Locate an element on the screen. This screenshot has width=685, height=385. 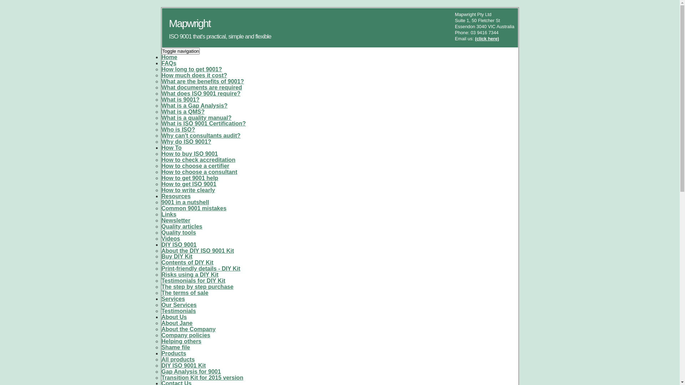
'Links' is located at coordinates (168, 214).